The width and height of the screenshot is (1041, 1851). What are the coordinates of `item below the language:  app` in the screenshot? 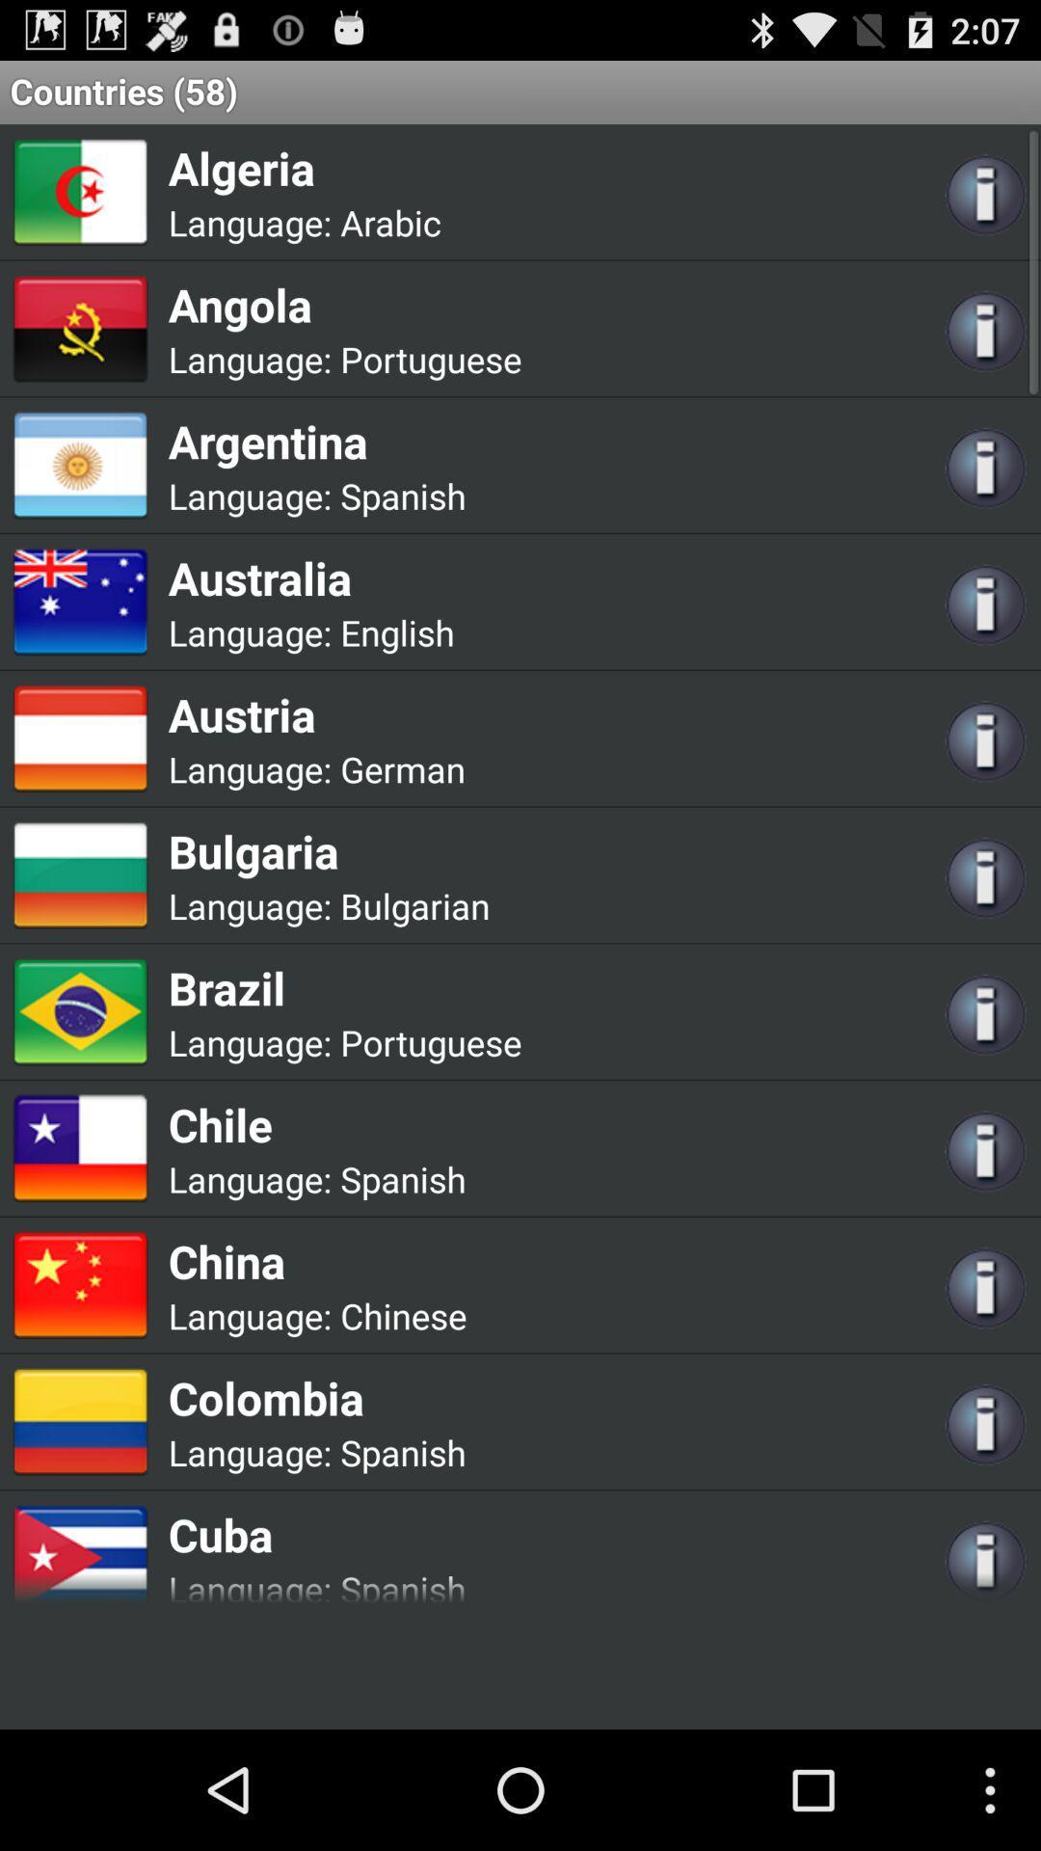 It's located at (315, 713).